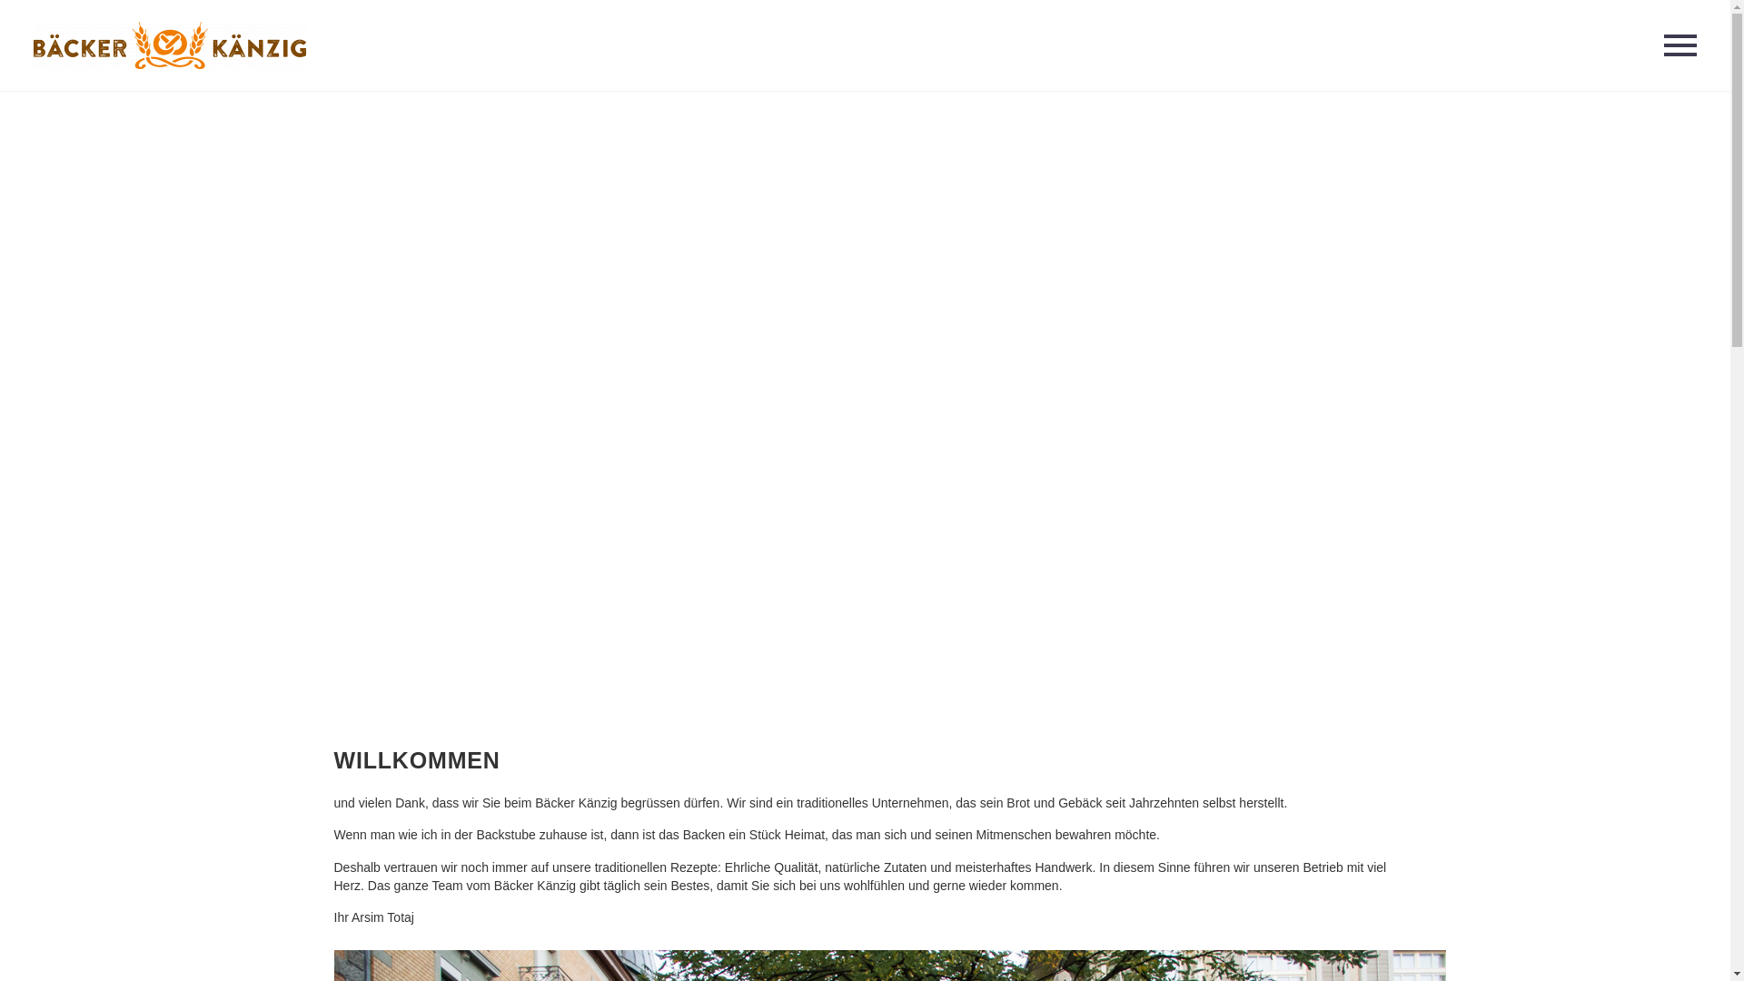  What do you see at coordinates (1679, 45) in the screenshot?
I see `'Primary Menu'` at bounding box center [1679, 45].